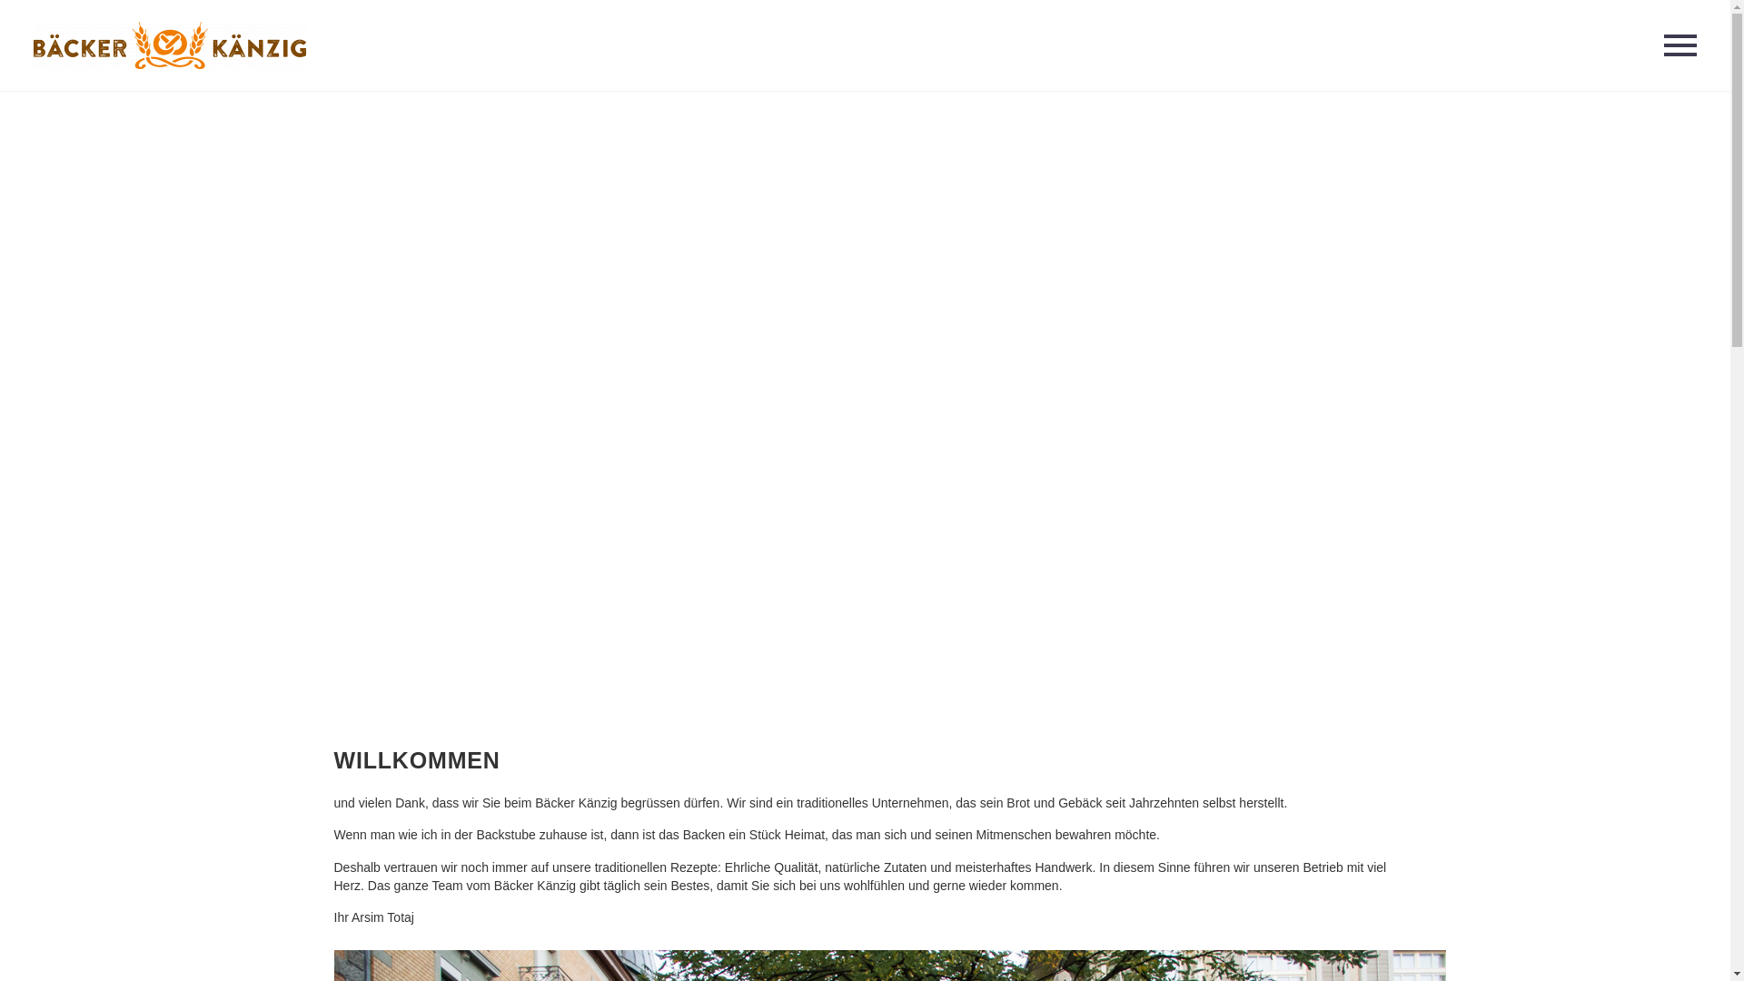  What do you see at coordinates (1679, 45) in the screenshot?
I see `'Primary Menu'` at bounding box center [1679, 45].